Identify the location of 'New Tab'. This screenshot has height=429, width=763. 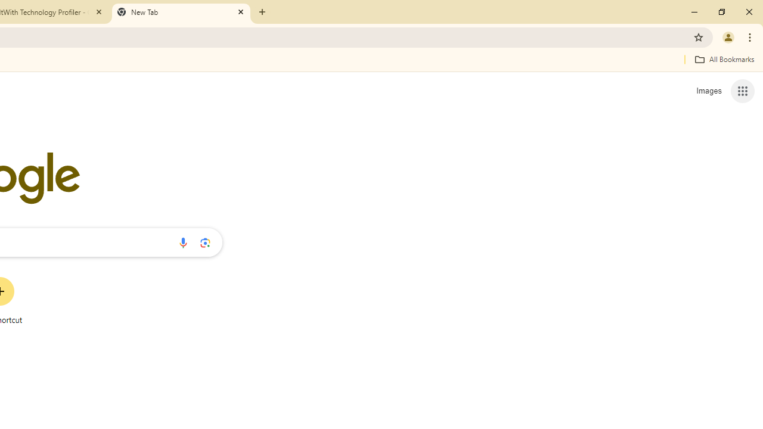
(181, 12).